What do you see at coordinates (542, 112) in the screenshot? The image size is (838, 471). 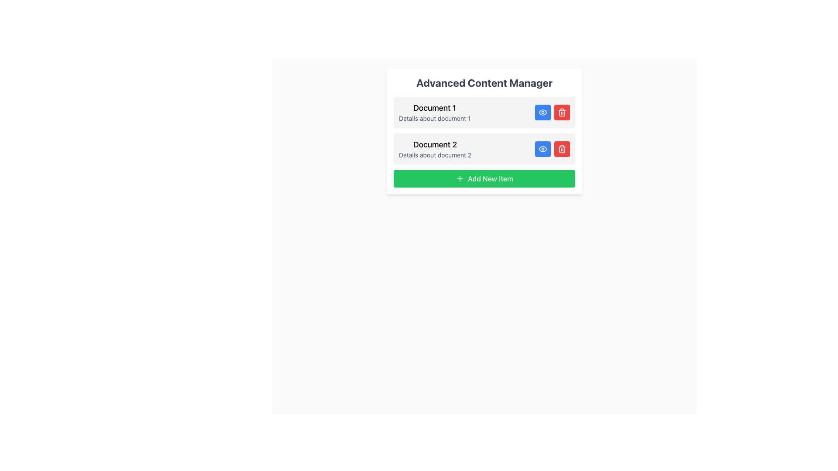 I see `the blue rounded rectangular button with a white eye icon in the 'Document 1' section of the Advanced Content Manager` at bounding box center [542, 112].